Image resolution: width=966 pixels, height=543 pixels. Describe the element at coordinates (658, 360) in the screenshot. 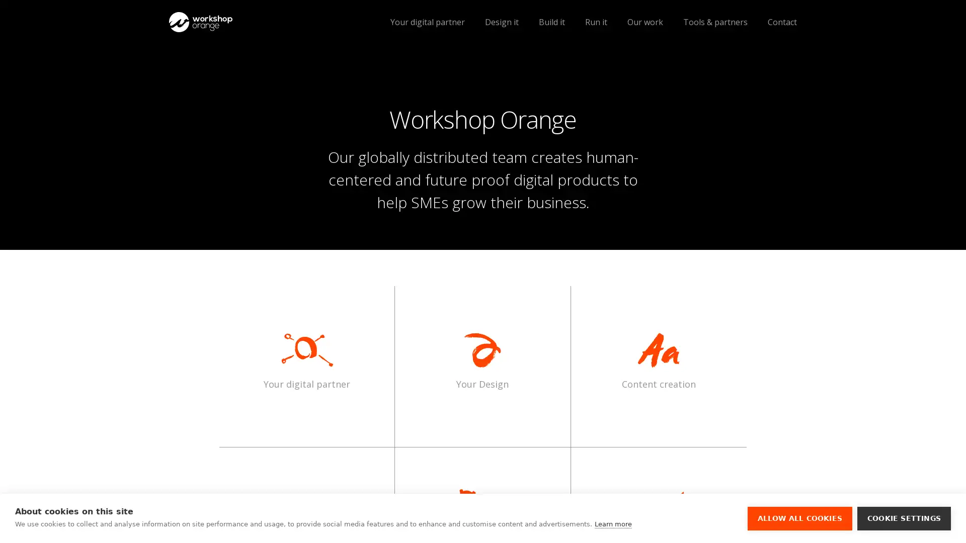

I see `Content creation` at that location.